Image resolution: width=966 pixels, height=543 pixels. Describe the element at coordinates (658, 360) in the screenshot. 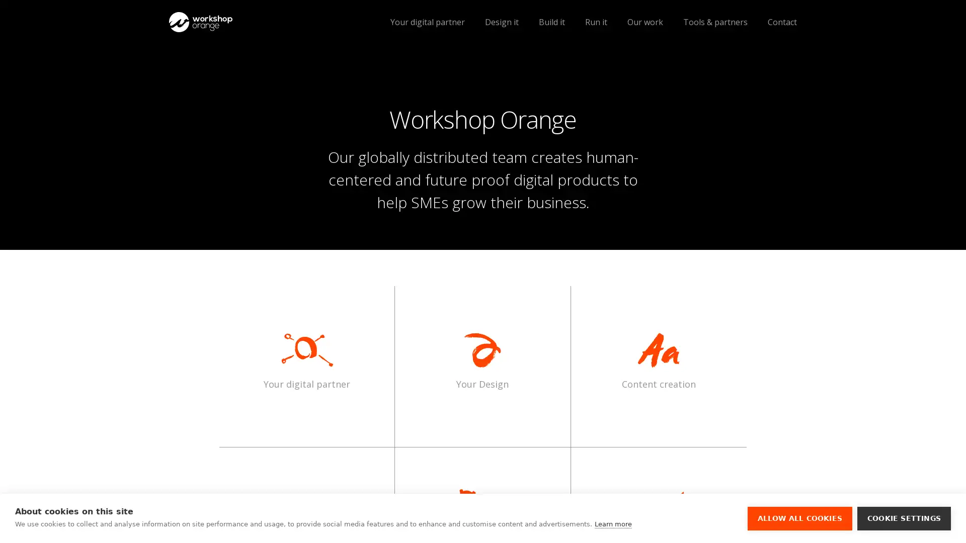

I see `Content creation` at that location.